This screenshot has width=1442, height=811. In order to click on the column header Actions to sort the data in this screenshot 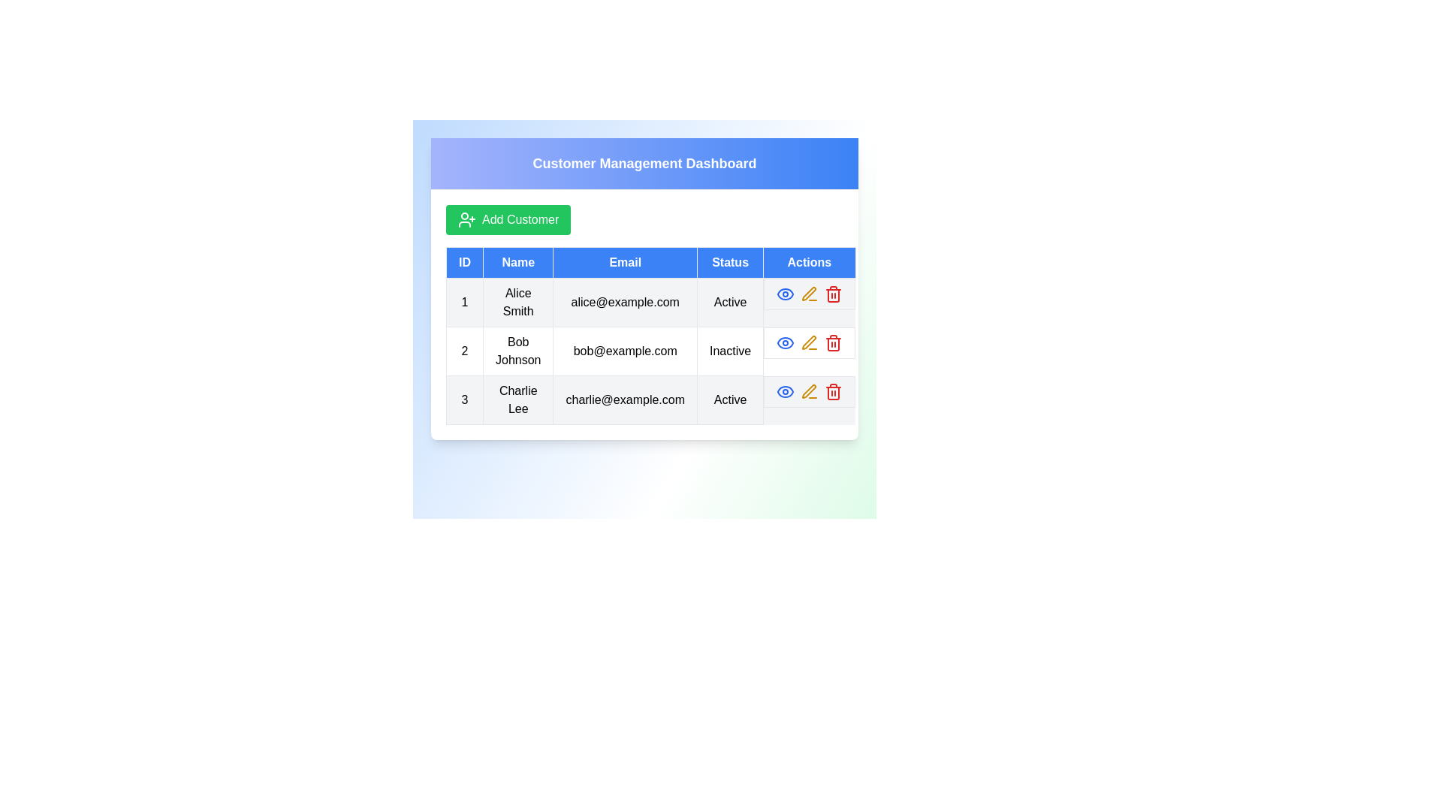, I will do `click(809, 262)`.